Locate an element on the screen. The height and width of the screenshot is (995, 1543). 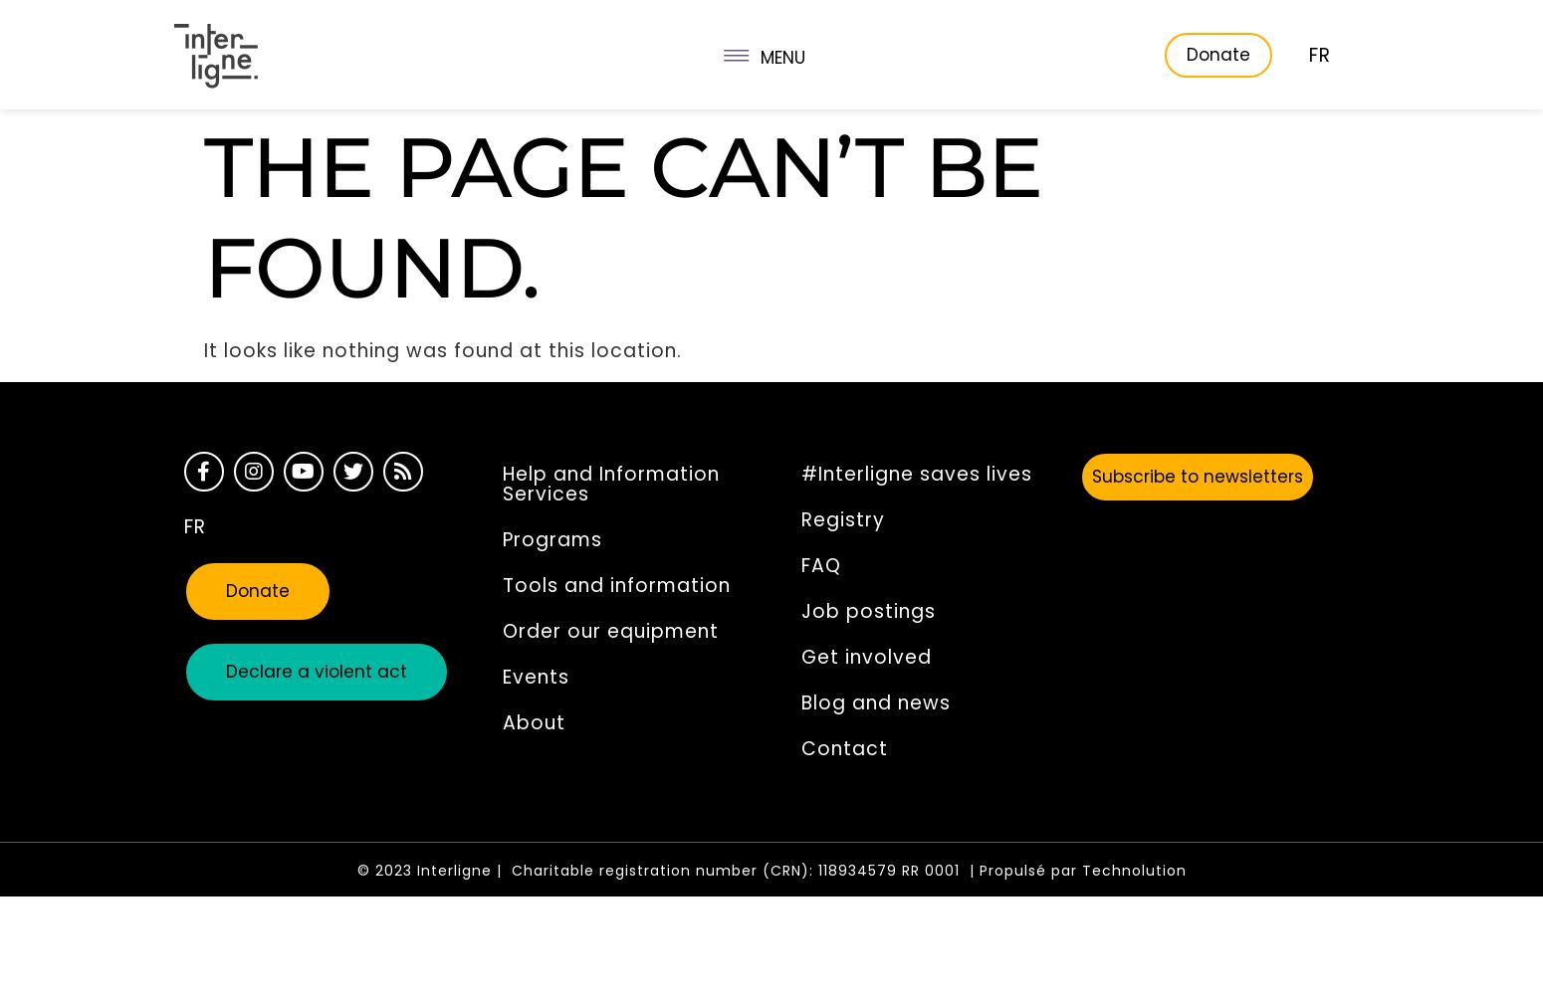
'Get involved' is located at coordinates (866, 657).